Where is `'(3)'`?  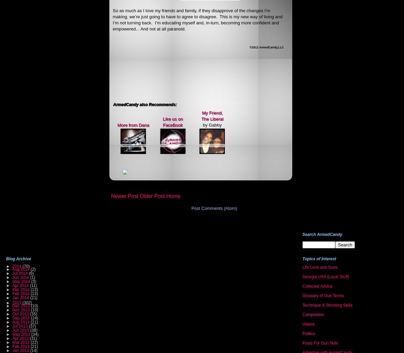 '(3)' is located at coordinates (33, 281).